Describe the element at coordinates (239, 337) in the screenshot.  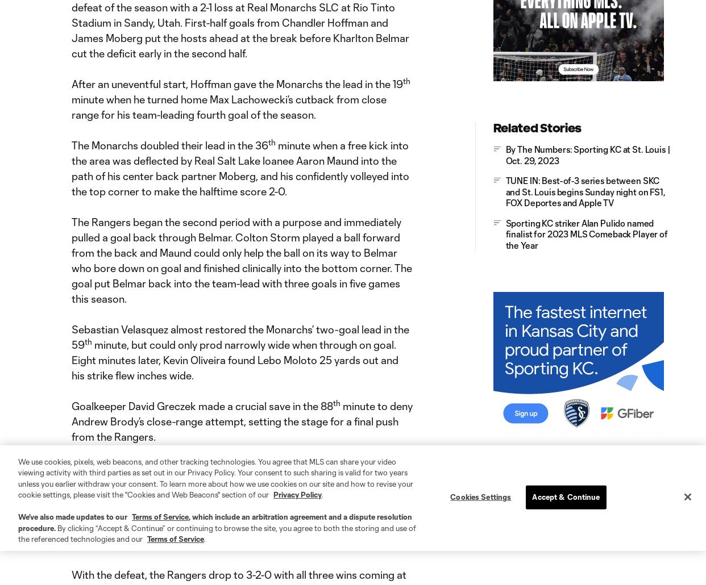
I see `'Sebastian Velasquez almost restored the Monarchs’ two-goal lead in the 59'` at that location.